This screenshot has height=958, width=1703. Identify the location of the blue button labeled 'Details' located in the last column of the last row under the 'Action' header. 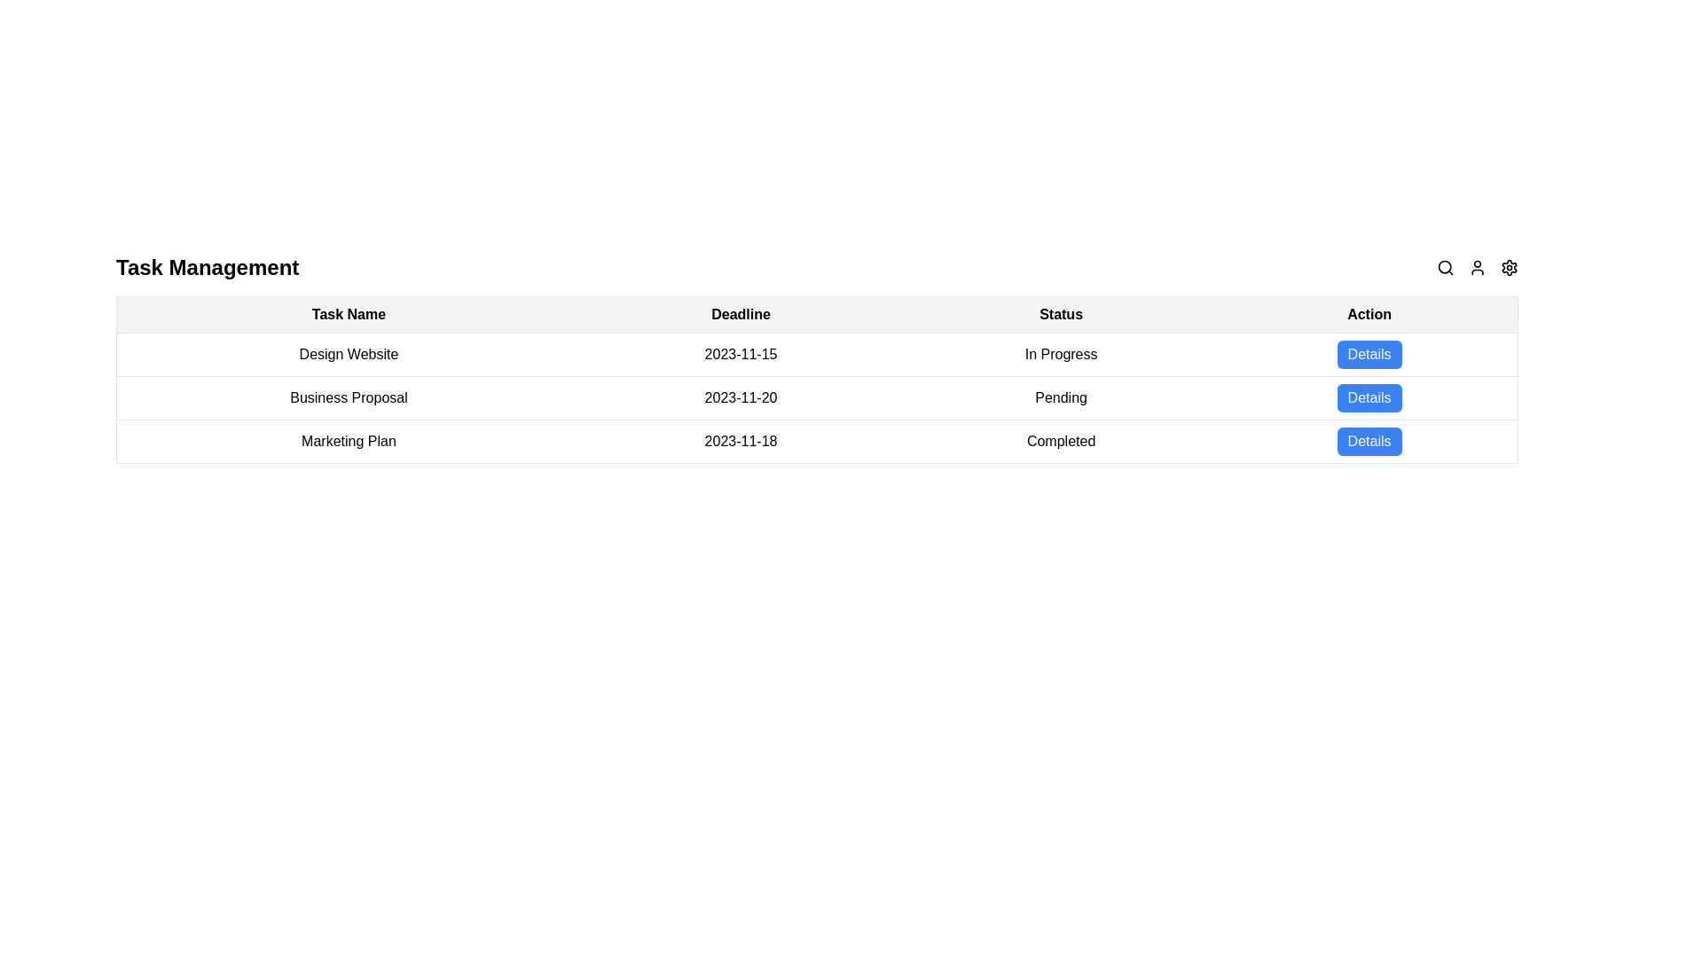
(1369, 440).